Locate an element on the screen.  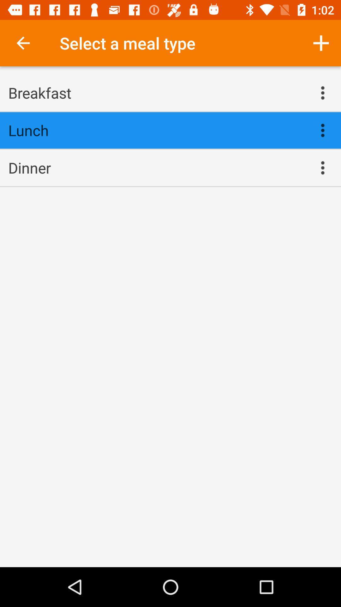
dinner is located at coordinates (156, 168).